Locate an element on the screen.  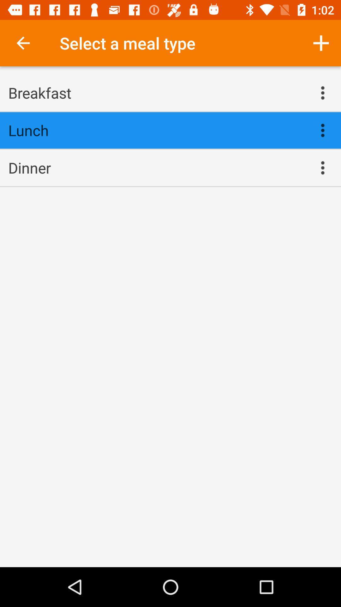
dinner is located at coordinates (156, 168).